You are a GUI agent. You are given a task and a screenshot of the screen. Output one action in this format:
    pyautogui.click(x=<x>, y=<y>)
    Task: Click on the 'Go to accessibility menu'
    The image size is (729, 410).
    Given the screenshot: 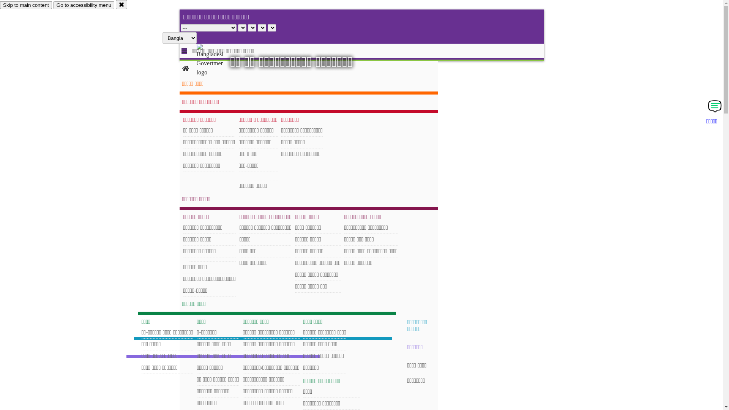 What is the action you would take?
    pyautogui.click(x=84, y=5)
    